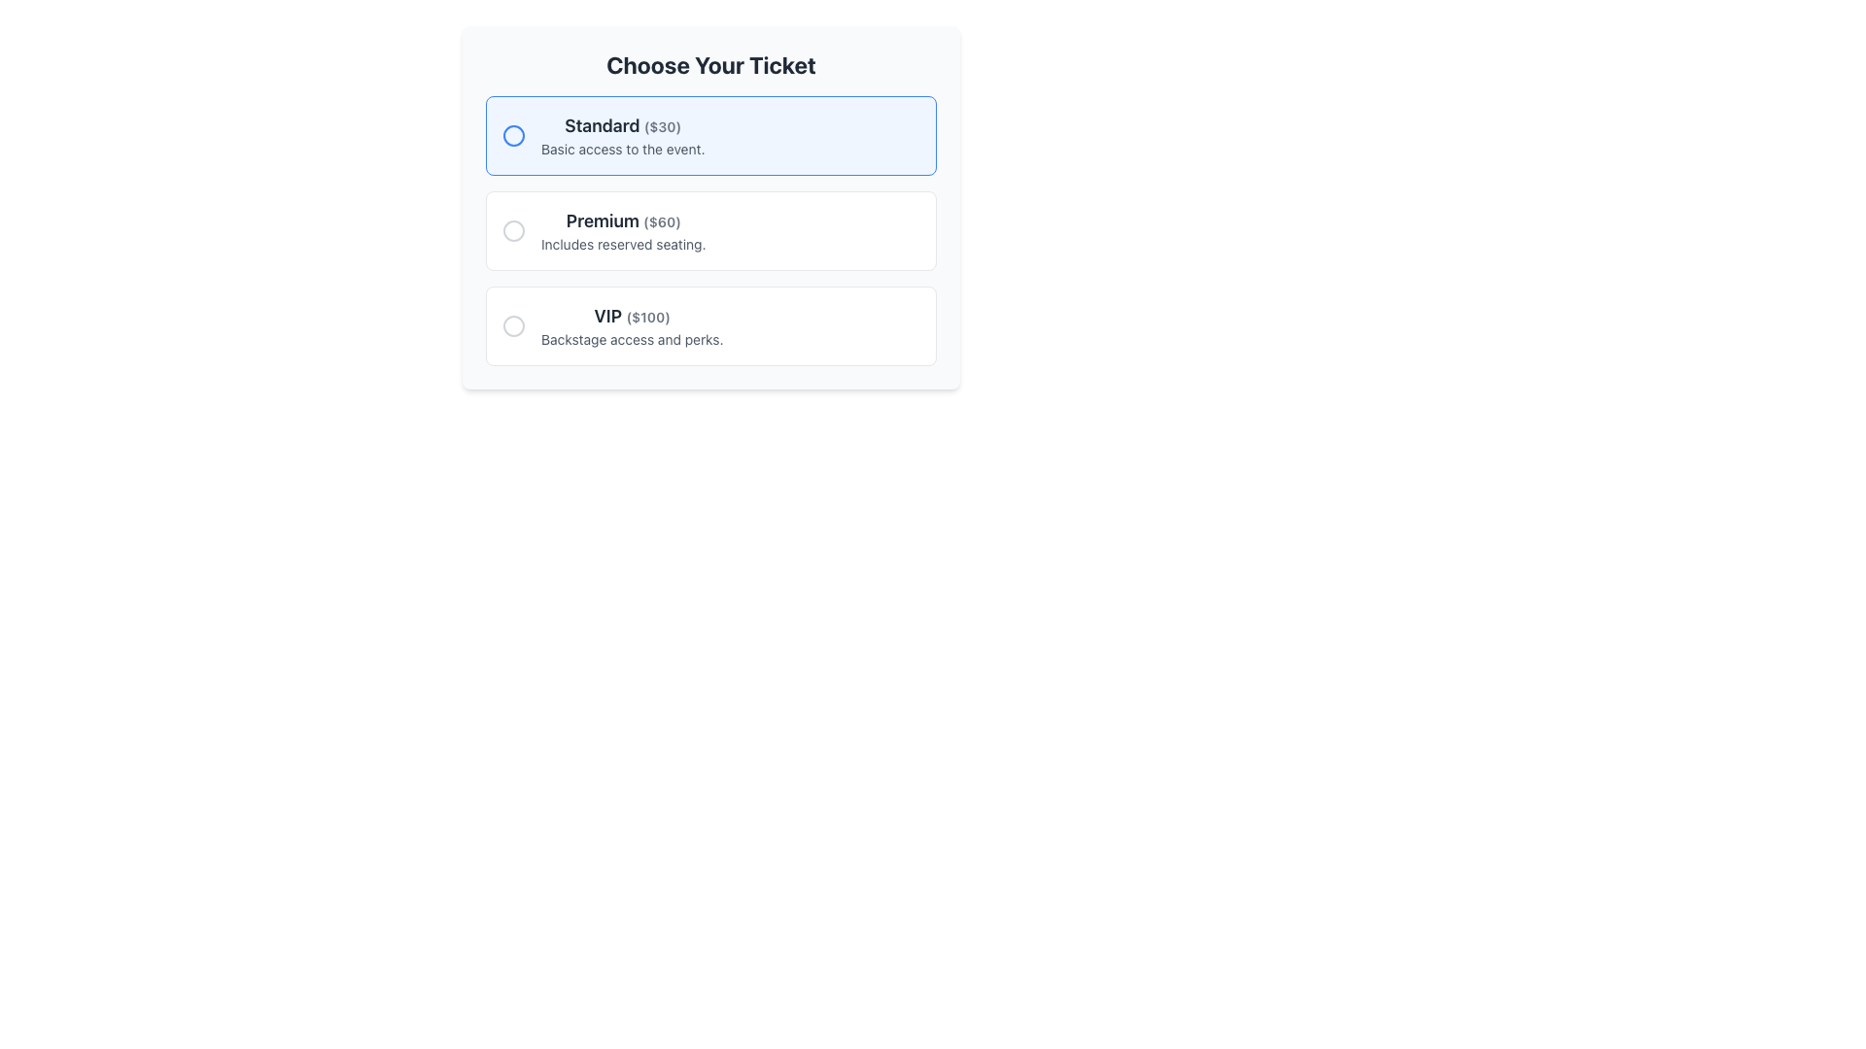 This screenshot has width=1866, height=1049. Describe the element at coordinates (623, 126) in the screenshot. I see `the text label element displaying 'Standard ($30)', which is styled as a heading for a selectable option and is located beneath the title 'Choose Your Ticket'` at that location.